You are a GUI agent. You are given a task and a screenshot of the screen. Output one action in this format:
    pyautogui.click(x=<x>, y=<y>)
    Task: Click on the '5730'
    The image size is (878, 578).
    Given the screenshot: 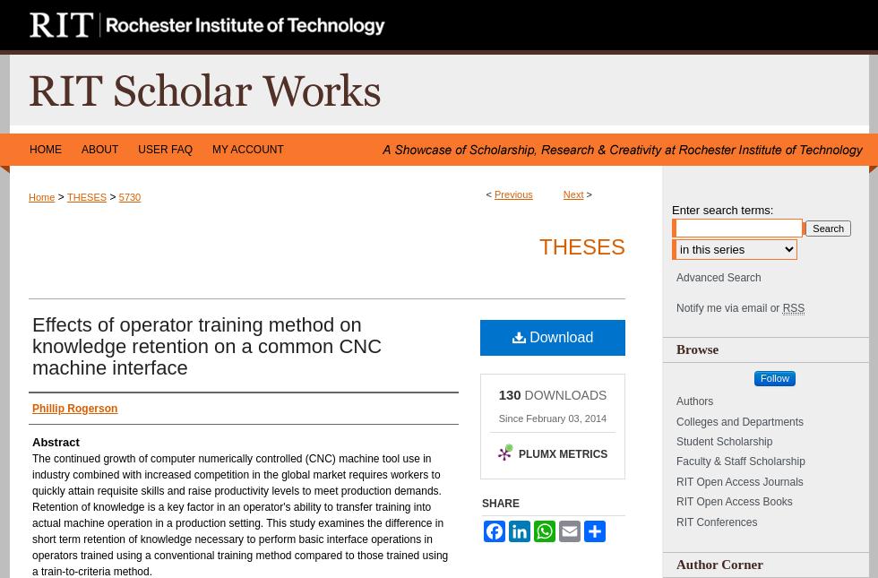 What is the action you would take?
    pyautogui.click(x=129, y=196)
    